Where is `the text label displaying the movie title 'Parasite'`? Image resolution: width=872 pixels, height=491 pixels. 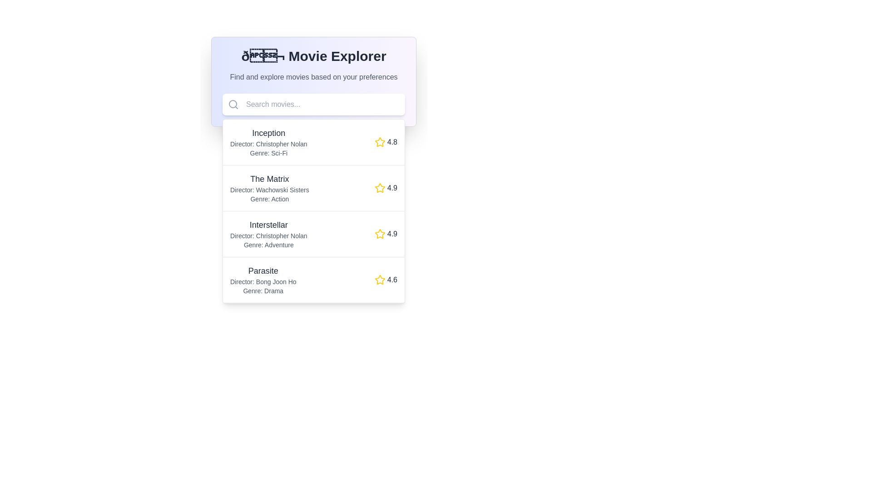
the text label displaying the movie title 'Parasite' is located at coordinates (263, 271).